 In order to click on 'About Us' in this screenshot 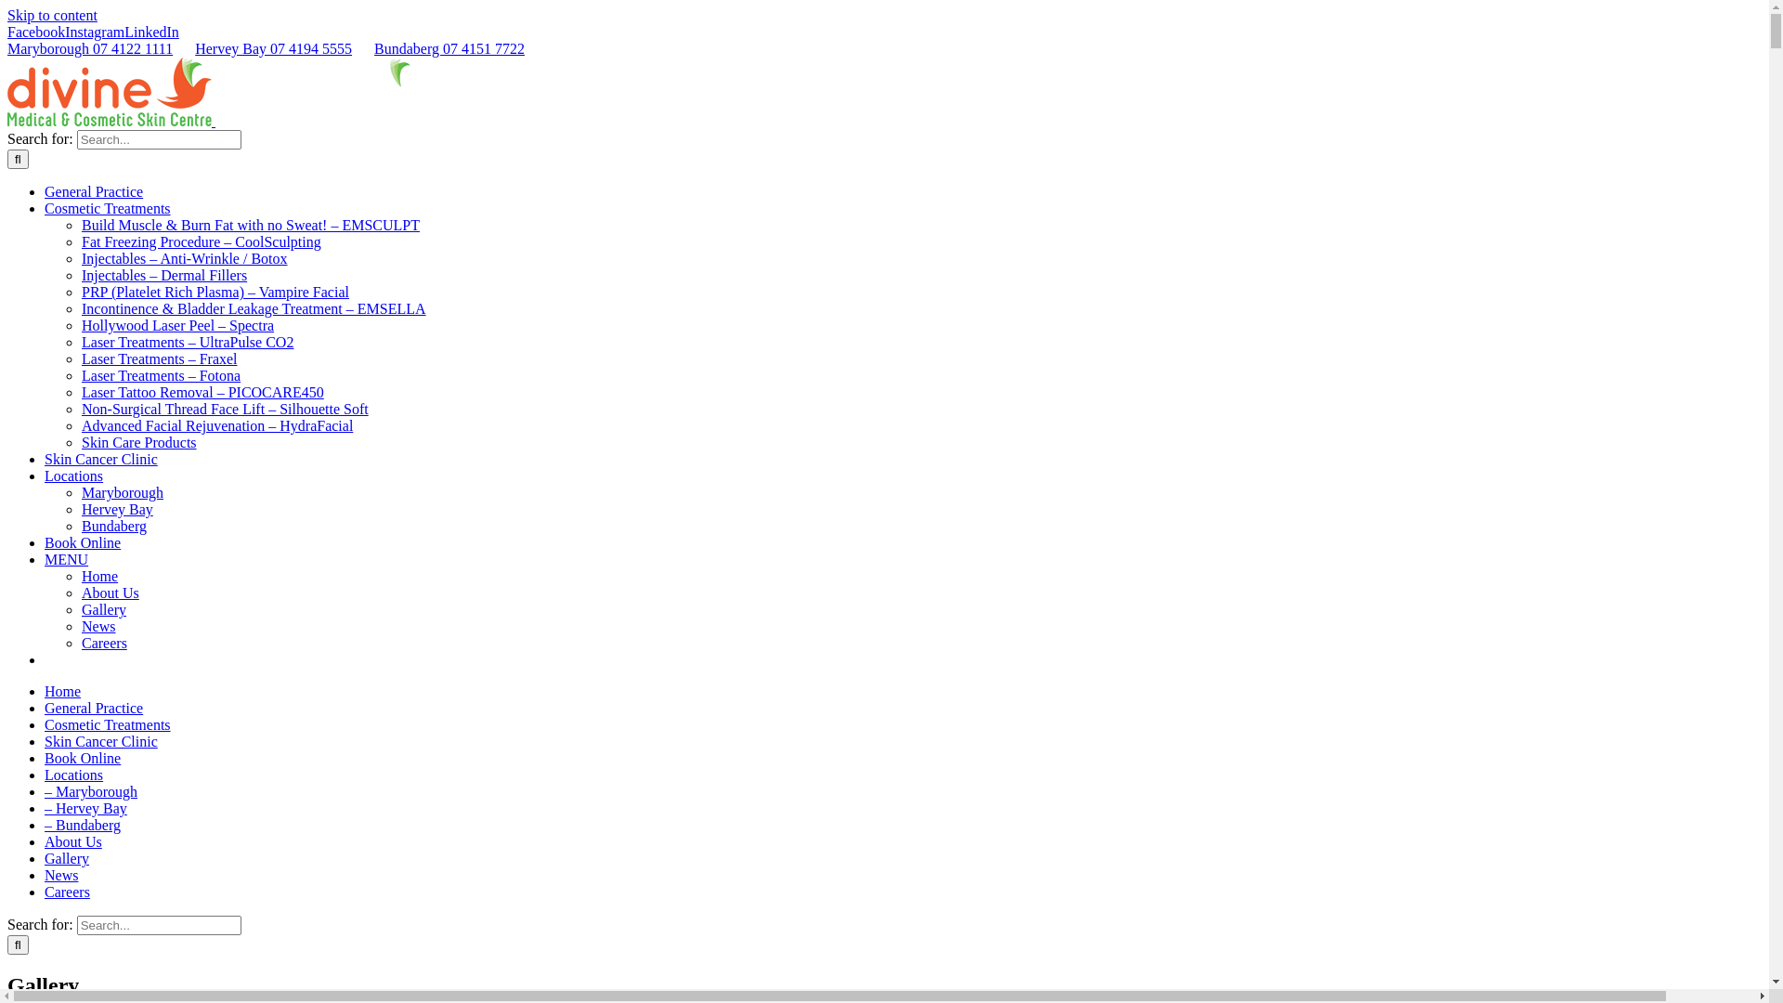, I will do `click(80, 593)`.